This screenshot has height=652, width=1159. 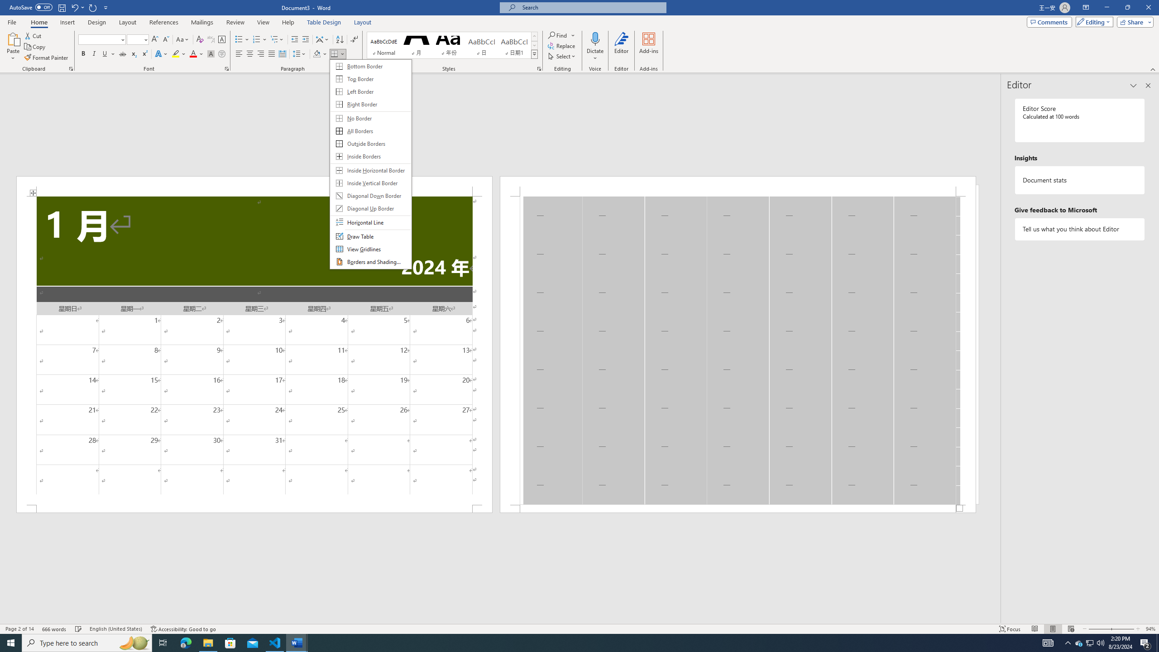 What do you see at coordinates (737, 350) in the screenshot?
I see `'Page 2 content'` at bounding box center [737, 350].